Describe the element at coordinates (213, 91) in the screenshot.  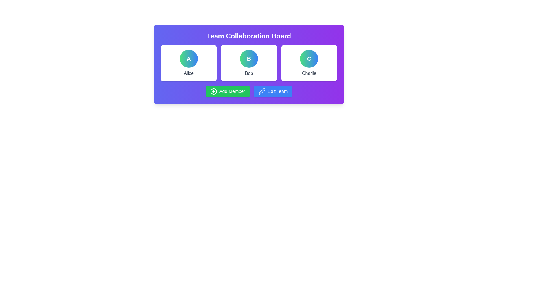
I see `the circular SVG shape within the 'Add Member' button located at the bottom row of the interface` at that location.